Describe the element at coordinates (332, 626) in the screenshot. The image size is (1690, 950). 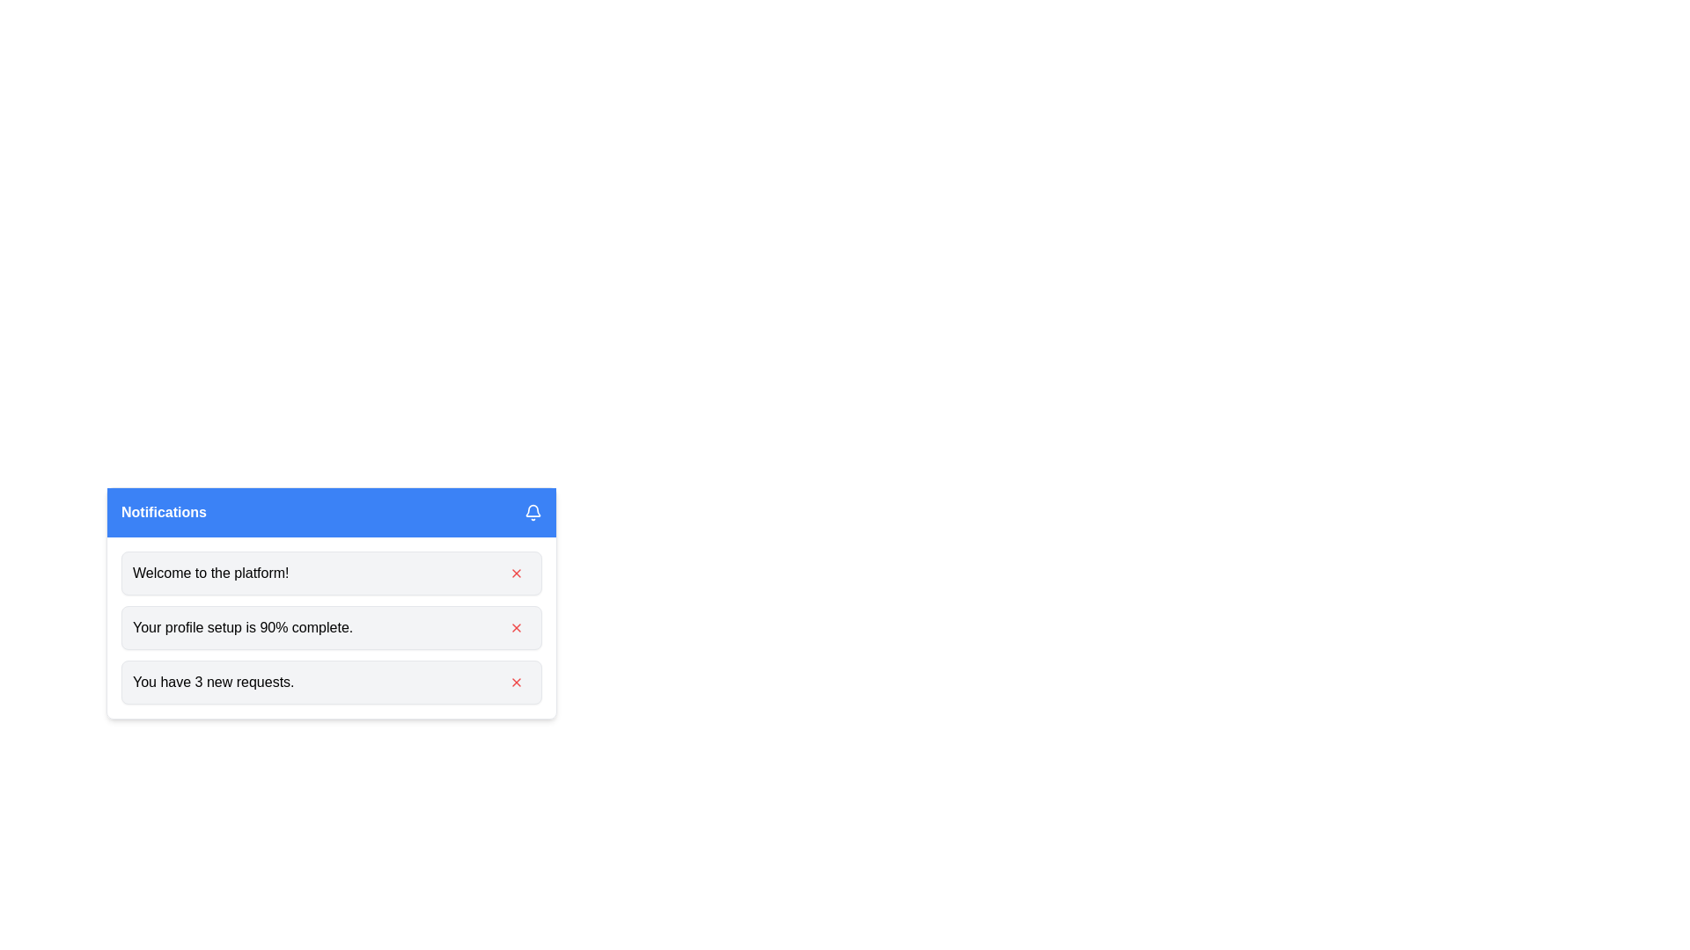
I see `the Notification box displaying 'Your profile setup is 90% complete.'` at that location.